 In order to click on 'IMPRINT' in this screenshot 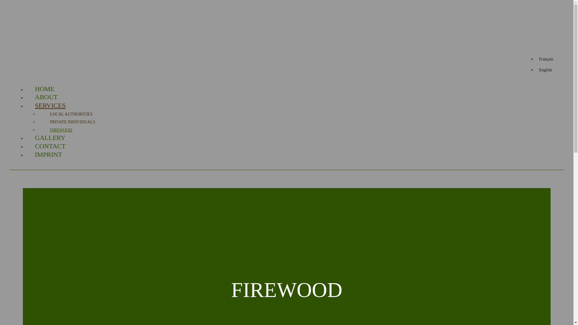, I will do `click(48, 154)`.